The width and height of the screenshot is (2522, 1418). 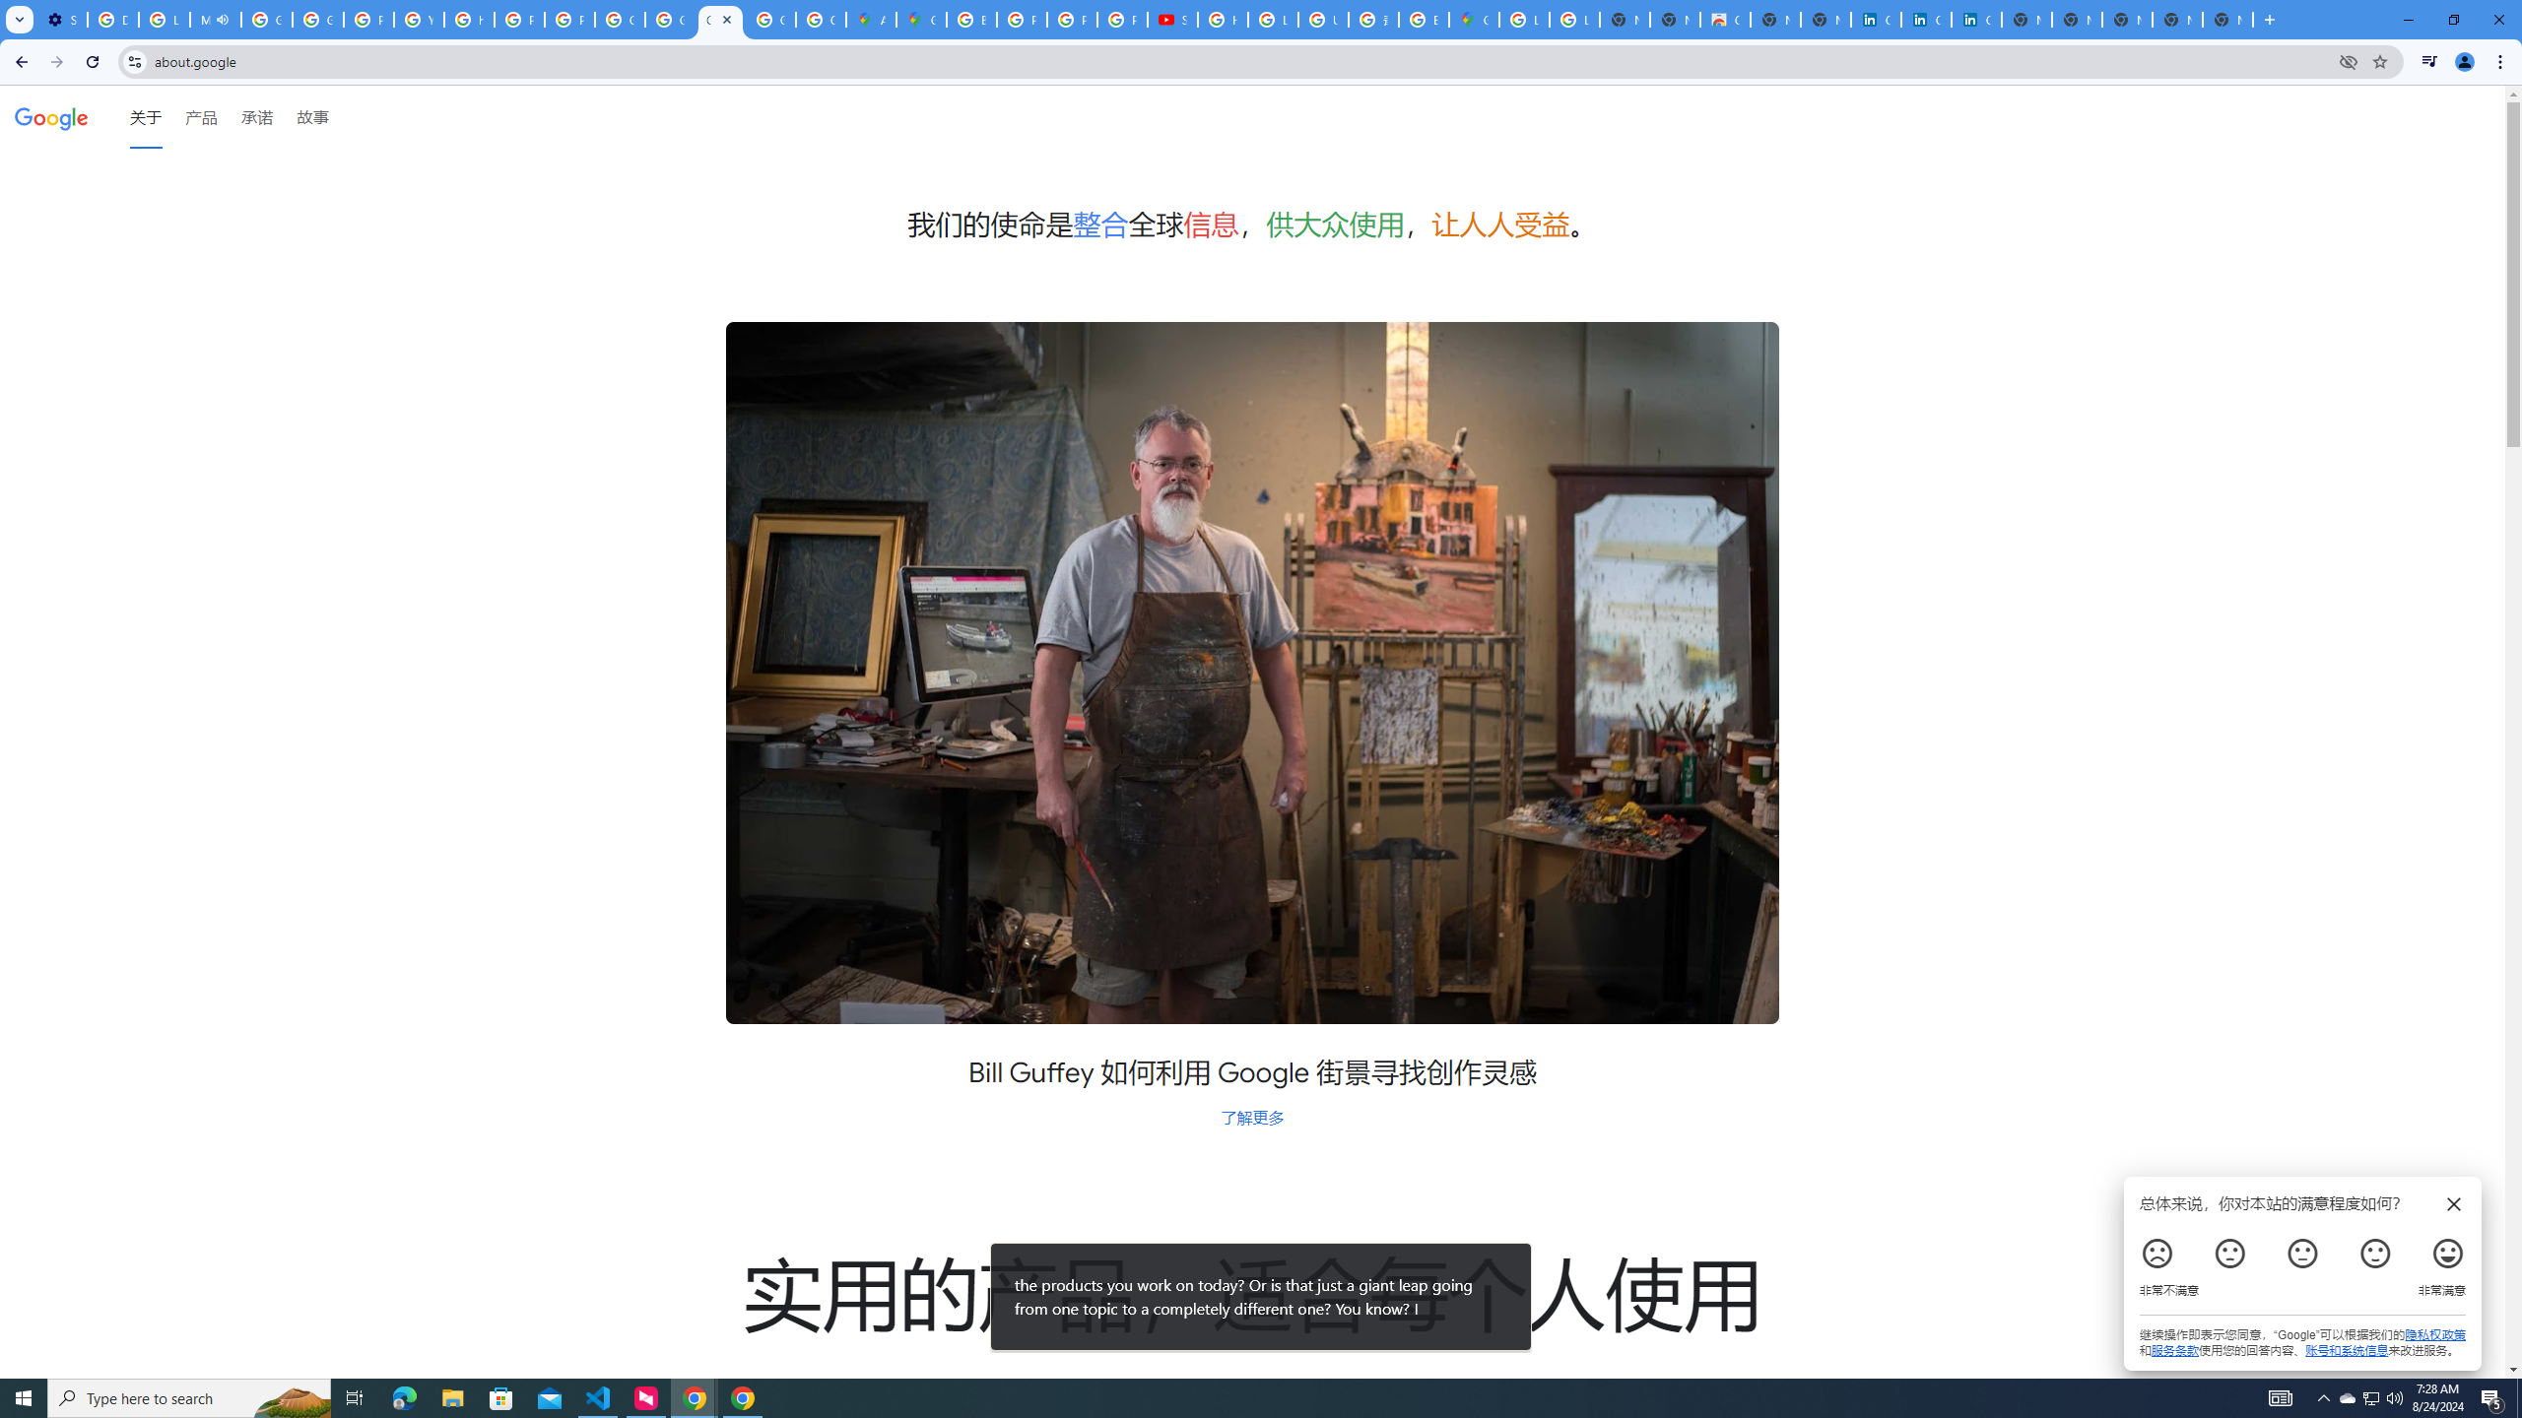 I want to click on 'Cookie Policy | LinkedIn', so click(x=1875, y=19).